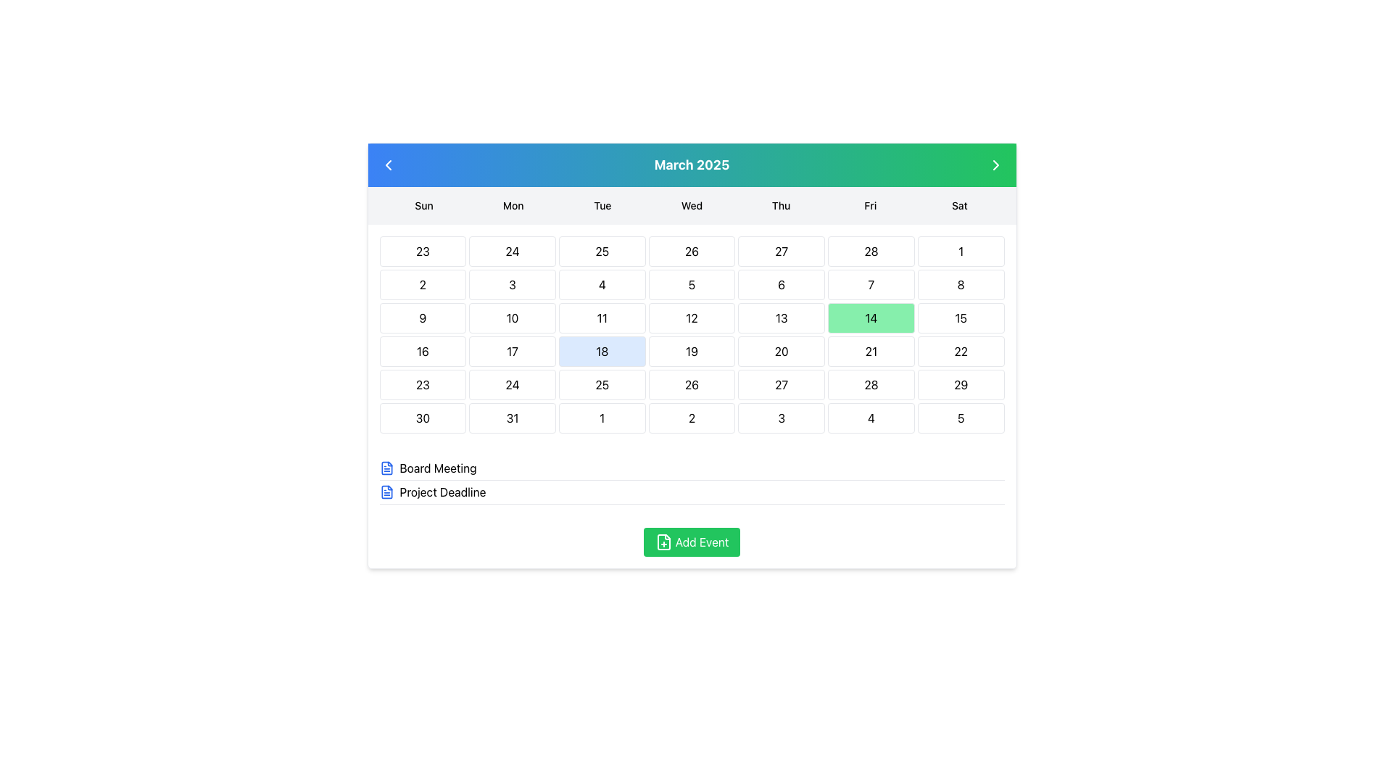 The height and width of the screenshot is (783, 1392). Describe the element at coordinates (602, 384) in the screenshot. I see `the calendar day button representing March 25, 2025, located in the 'Tue' column, fifth column and fourth row of the grid layout` at that location.